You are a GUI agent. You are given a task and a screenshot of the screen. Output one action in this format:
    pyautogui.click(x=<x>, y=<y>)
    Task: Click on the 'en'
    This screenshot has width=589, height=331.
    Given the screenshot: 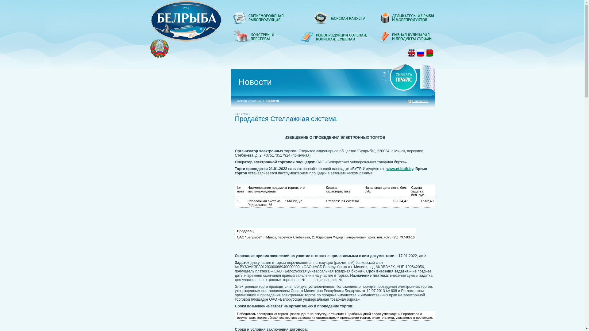 What is the action you would take?
    pyautogui.click(x=411, y=55)
    